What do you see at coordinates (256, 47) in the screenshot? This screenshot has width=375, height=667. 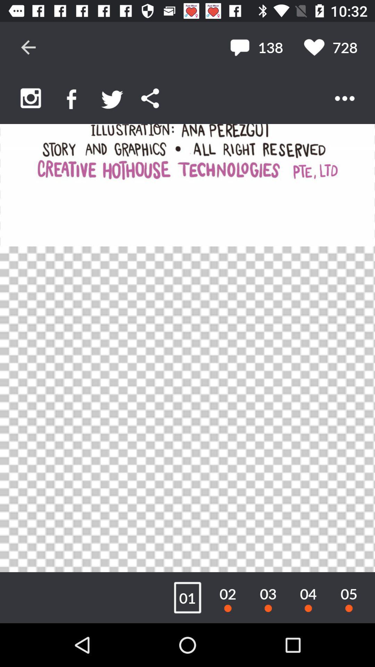 I see `item to the left of the 728  icon` at bounding box center [256, 47].